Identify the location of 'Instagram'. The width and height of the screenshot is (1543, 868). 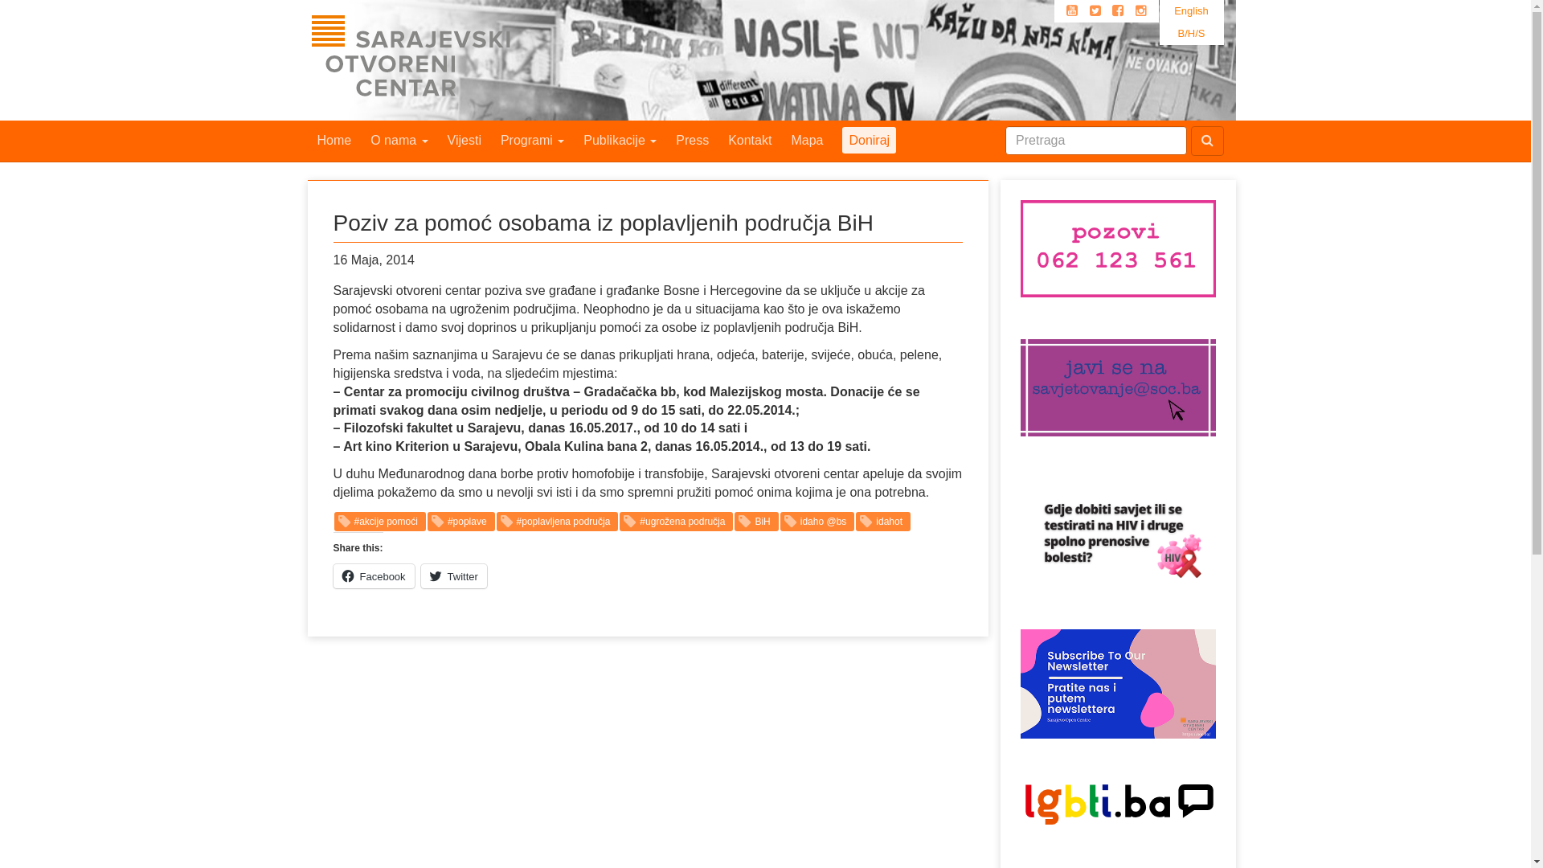
(1140, 11).